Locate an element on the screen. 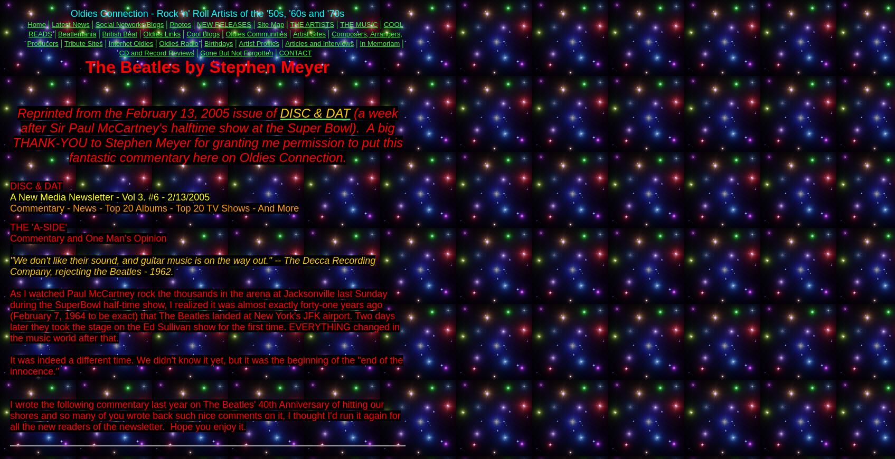 The height and width of the screenshot is (459, 895). 'Latest News' is located at coordinates (70, 24).